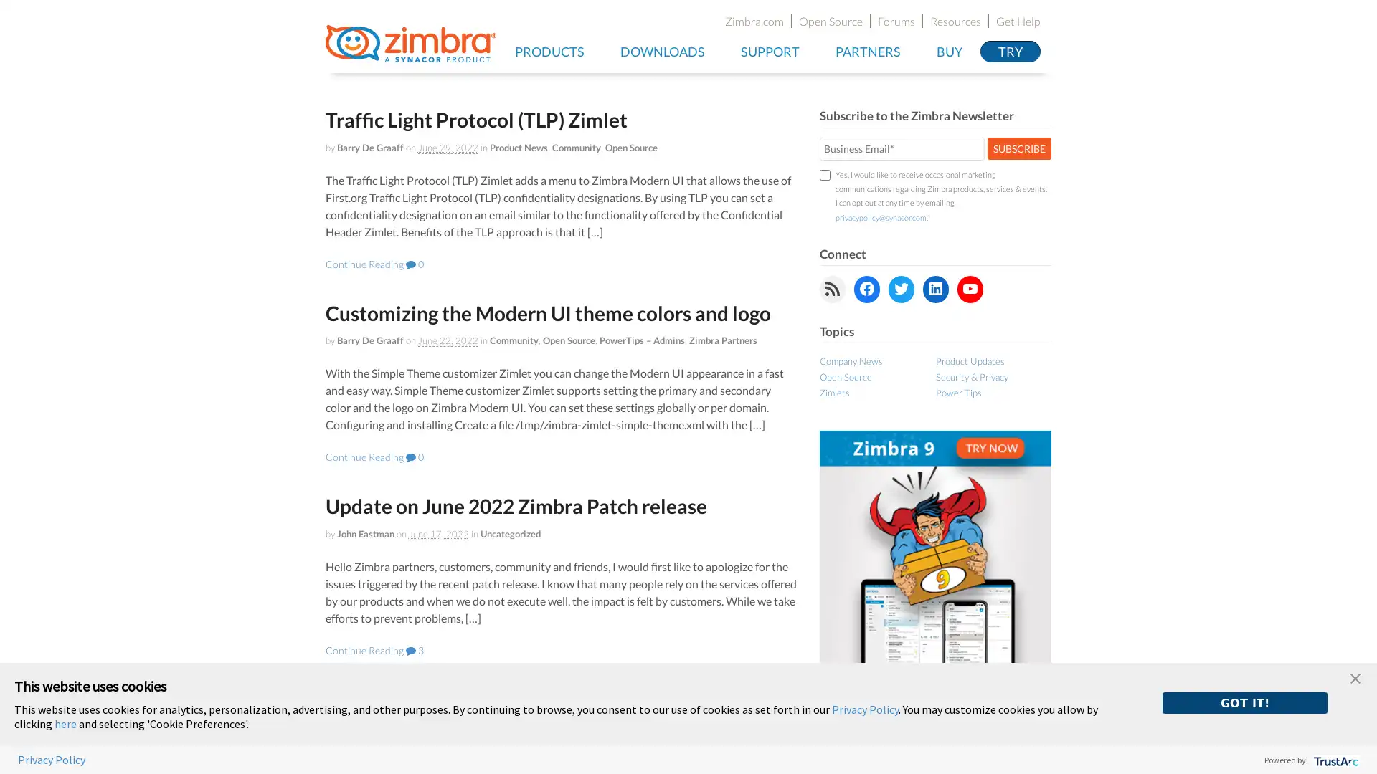  Describe the element at coordinates (1355, 677) in the screenshot. I see `close banner` at that location.